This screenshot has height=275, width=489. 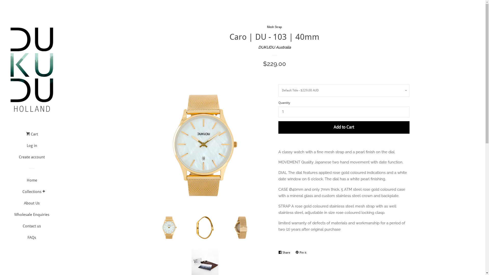 I want to click on 'FAQs', so click(x=11, y=239).